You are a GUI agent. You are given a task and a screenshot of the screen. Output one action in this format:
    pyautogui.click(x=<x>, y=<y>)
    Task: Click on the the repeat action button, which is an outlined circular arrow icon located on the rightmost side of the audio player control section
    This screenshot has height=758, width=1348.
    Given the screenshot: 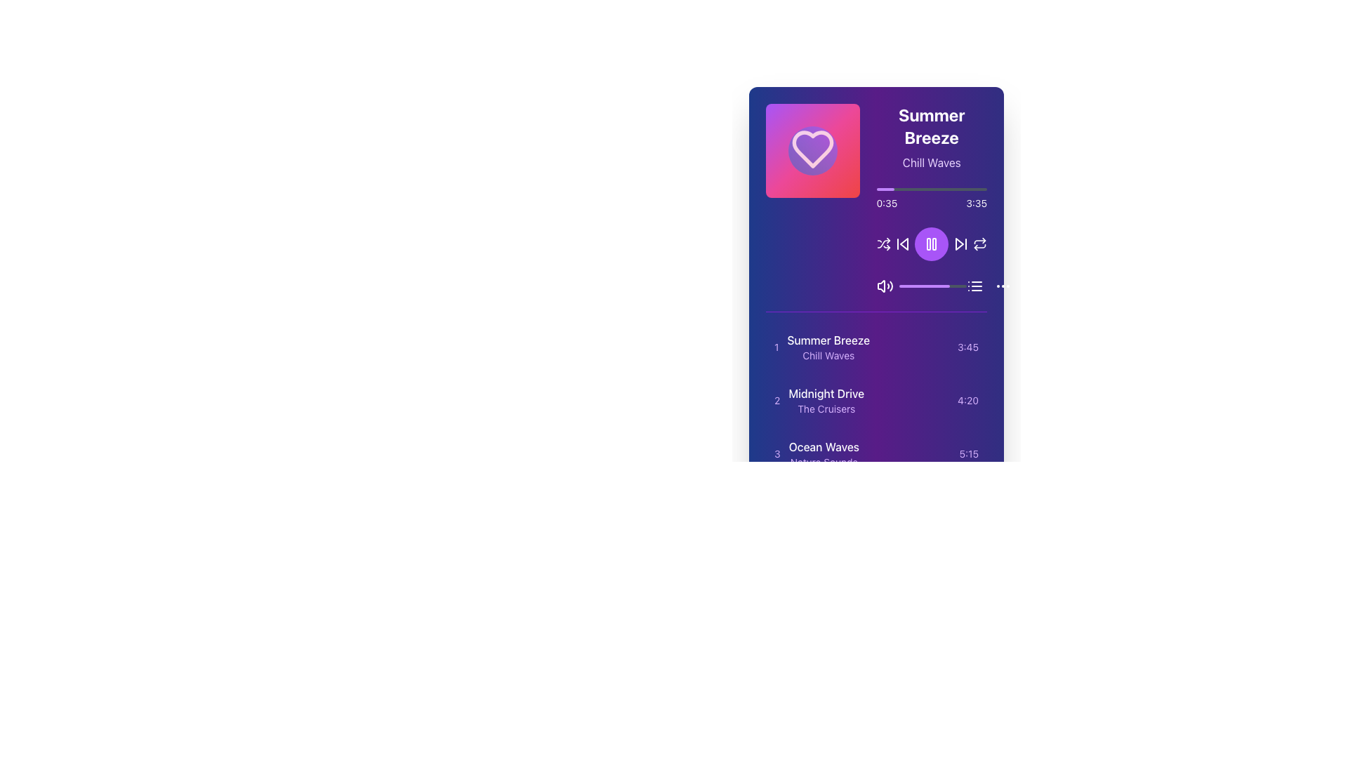 What is the action you would take?
    pyautogui.click(x=979, y=243)
    